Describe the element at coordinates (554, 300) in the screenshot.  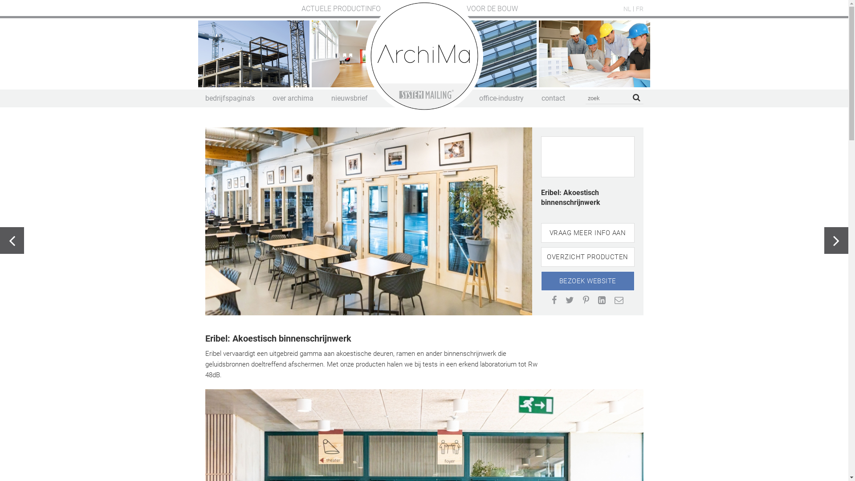
I see `'Facebook'` at that location.